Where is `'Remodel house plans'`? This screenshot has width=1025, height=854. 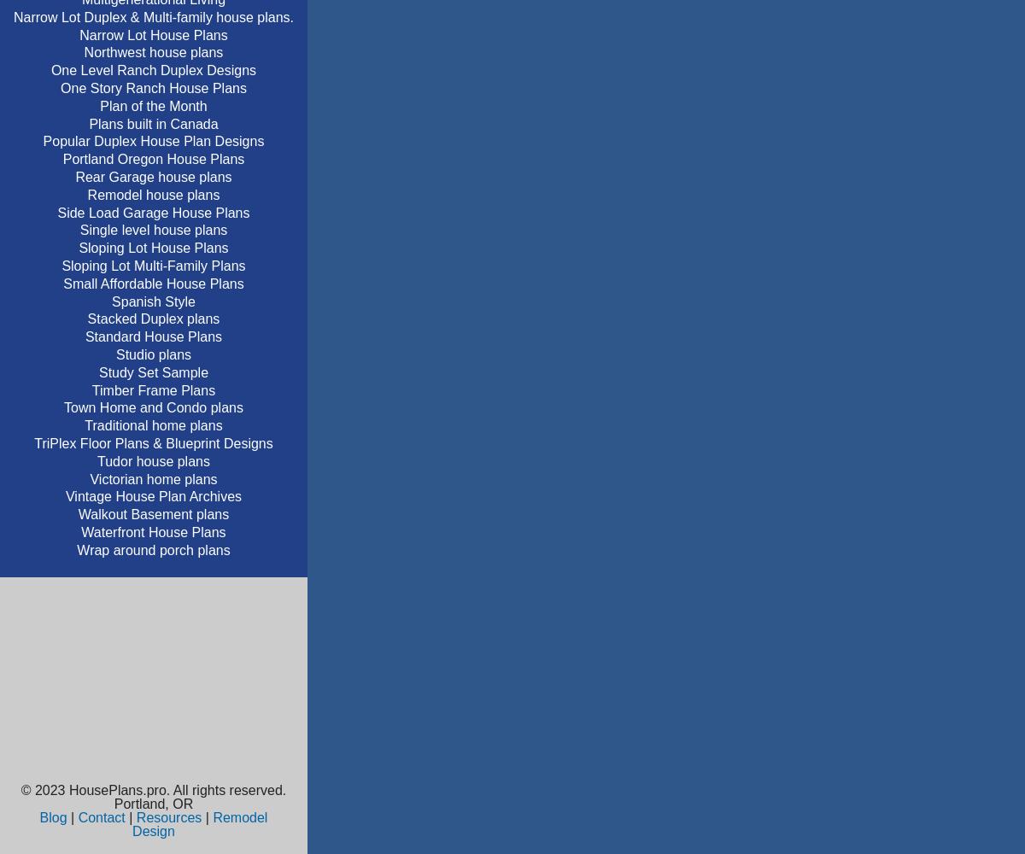 'Remodel house plans' is located at coordinates (152, 193).